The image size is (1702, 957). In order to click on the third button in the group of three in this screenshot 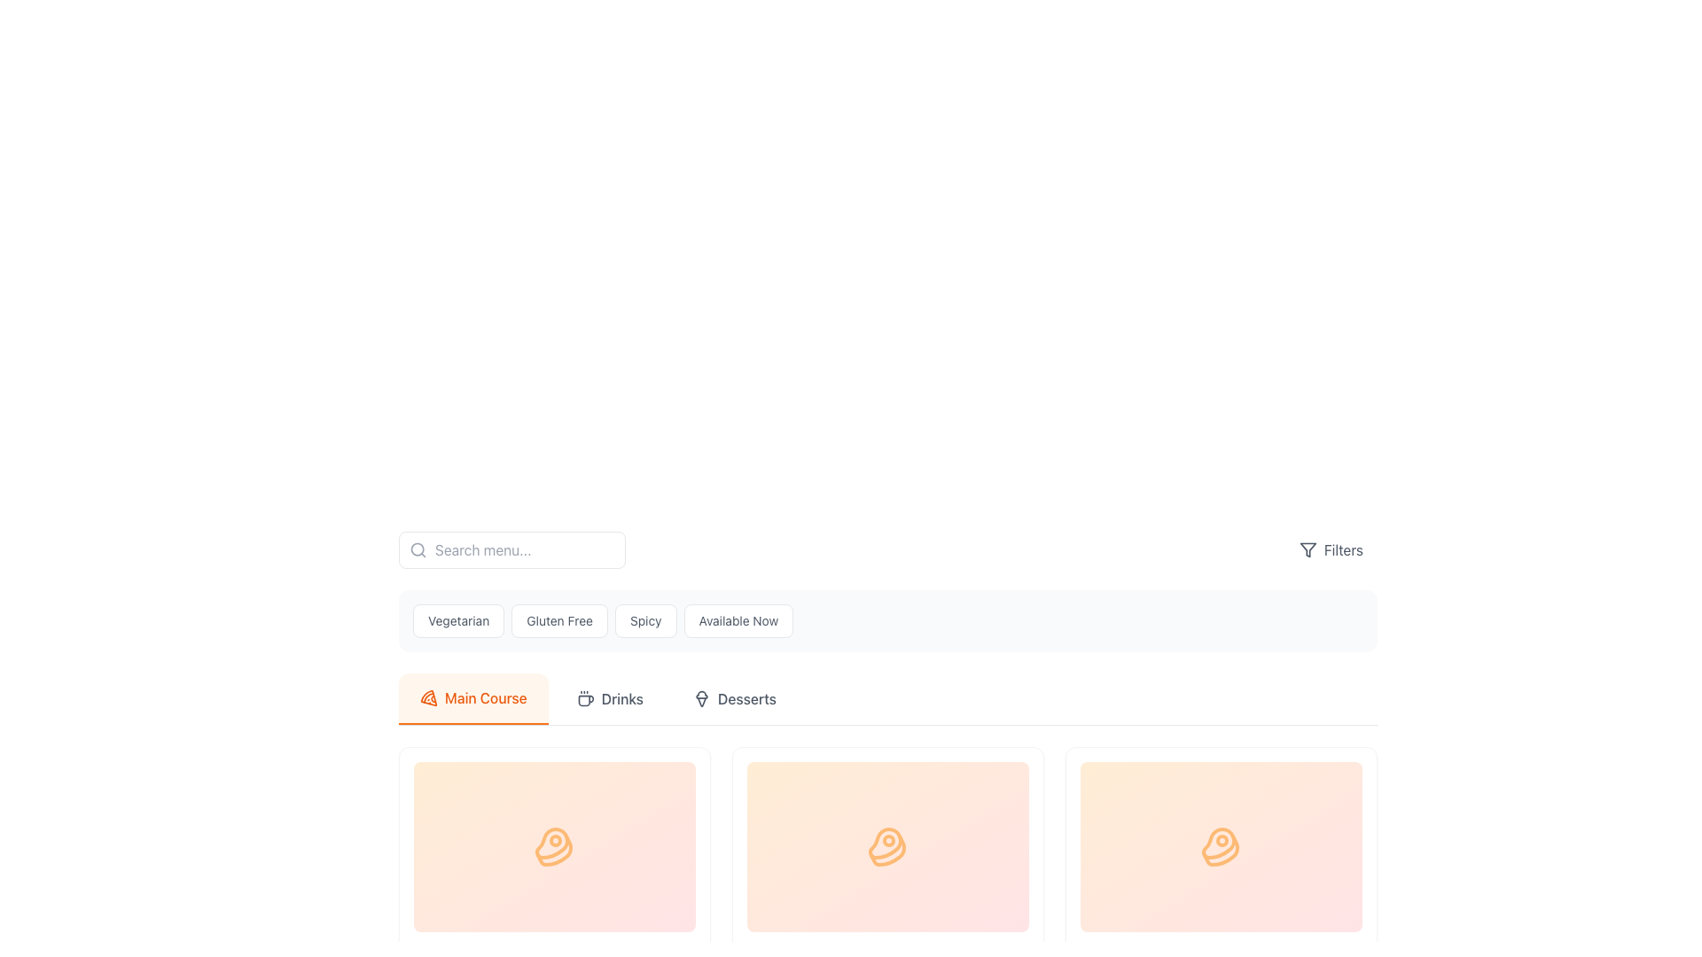, I will do `click(735, 698)`.